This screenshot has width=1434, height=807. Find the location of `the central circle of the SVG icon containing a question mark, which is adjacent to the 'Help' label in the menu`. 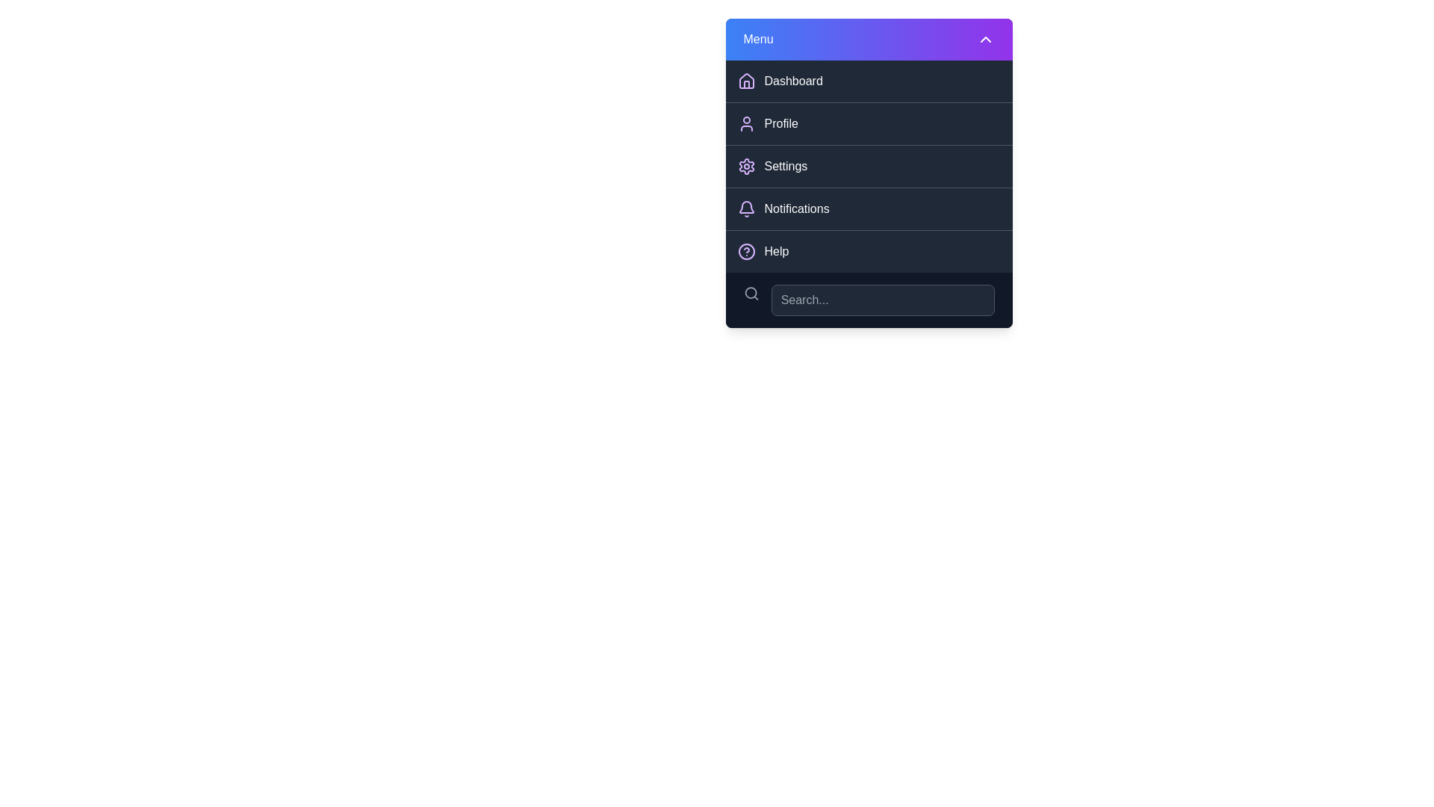

the central circle of the SVG icon containing a question mark, which is adjacent to the 'Help' label in the menu is located at coordinates (746, 250).